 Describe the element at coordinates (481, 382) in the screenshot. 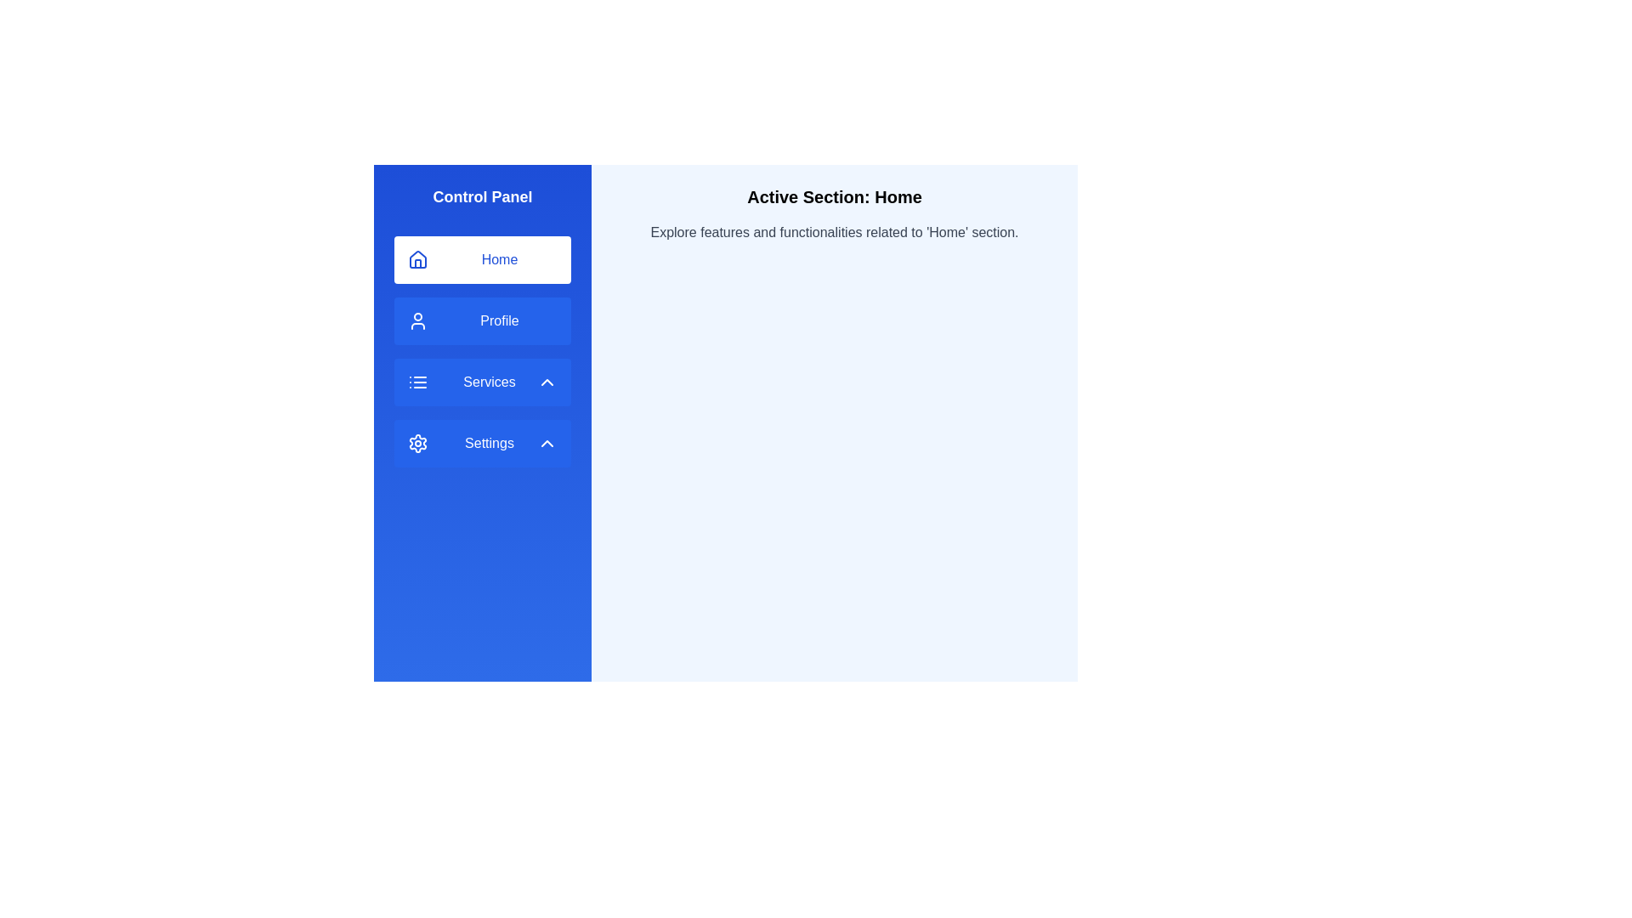

I see `the 'Services' button with a list icon and an upward chevron on the right` at that location.